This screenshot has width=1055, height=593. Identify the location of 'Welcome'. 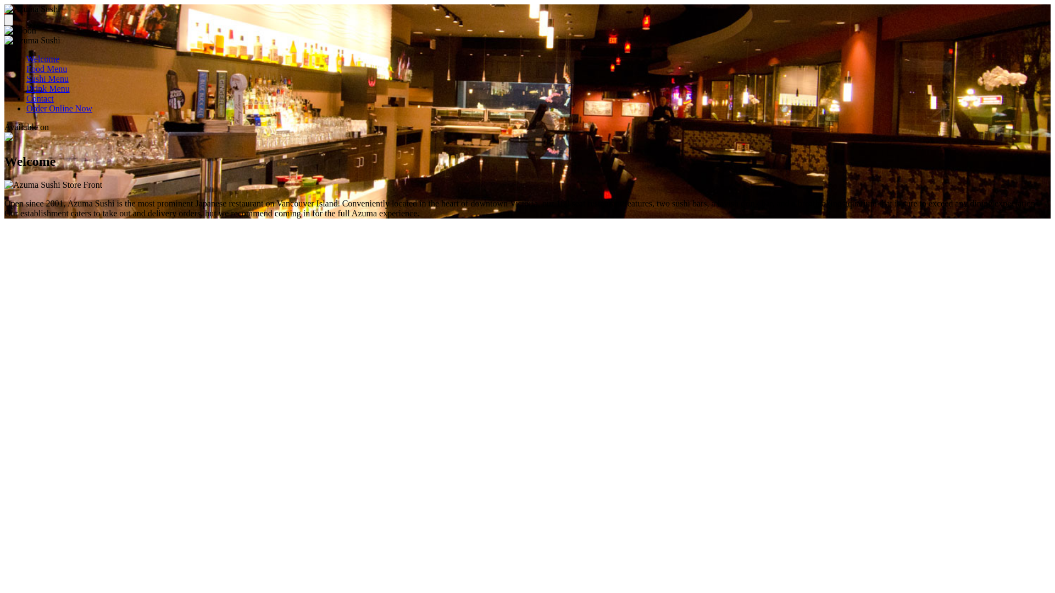
(26, 59).